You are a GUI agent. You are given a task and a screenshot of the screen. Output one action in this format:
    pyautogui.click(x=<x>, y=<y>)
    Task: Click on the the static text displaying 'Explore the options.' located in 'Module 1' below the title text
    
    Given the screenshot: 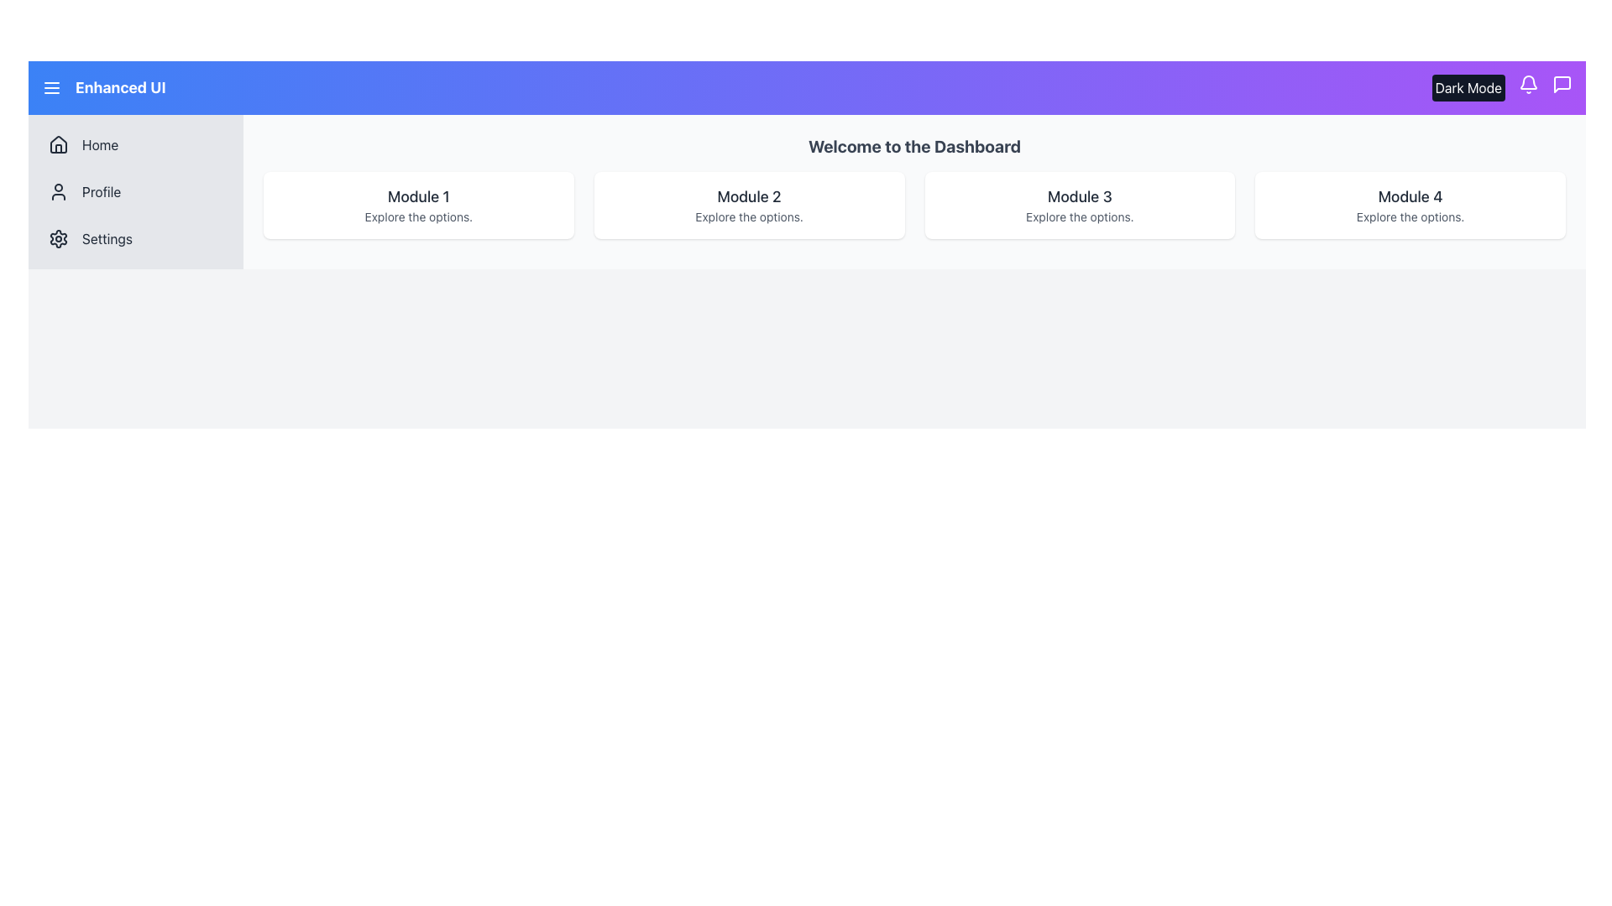 What is the action you would take?
    pyautogui.click(x=418, y=216)
    